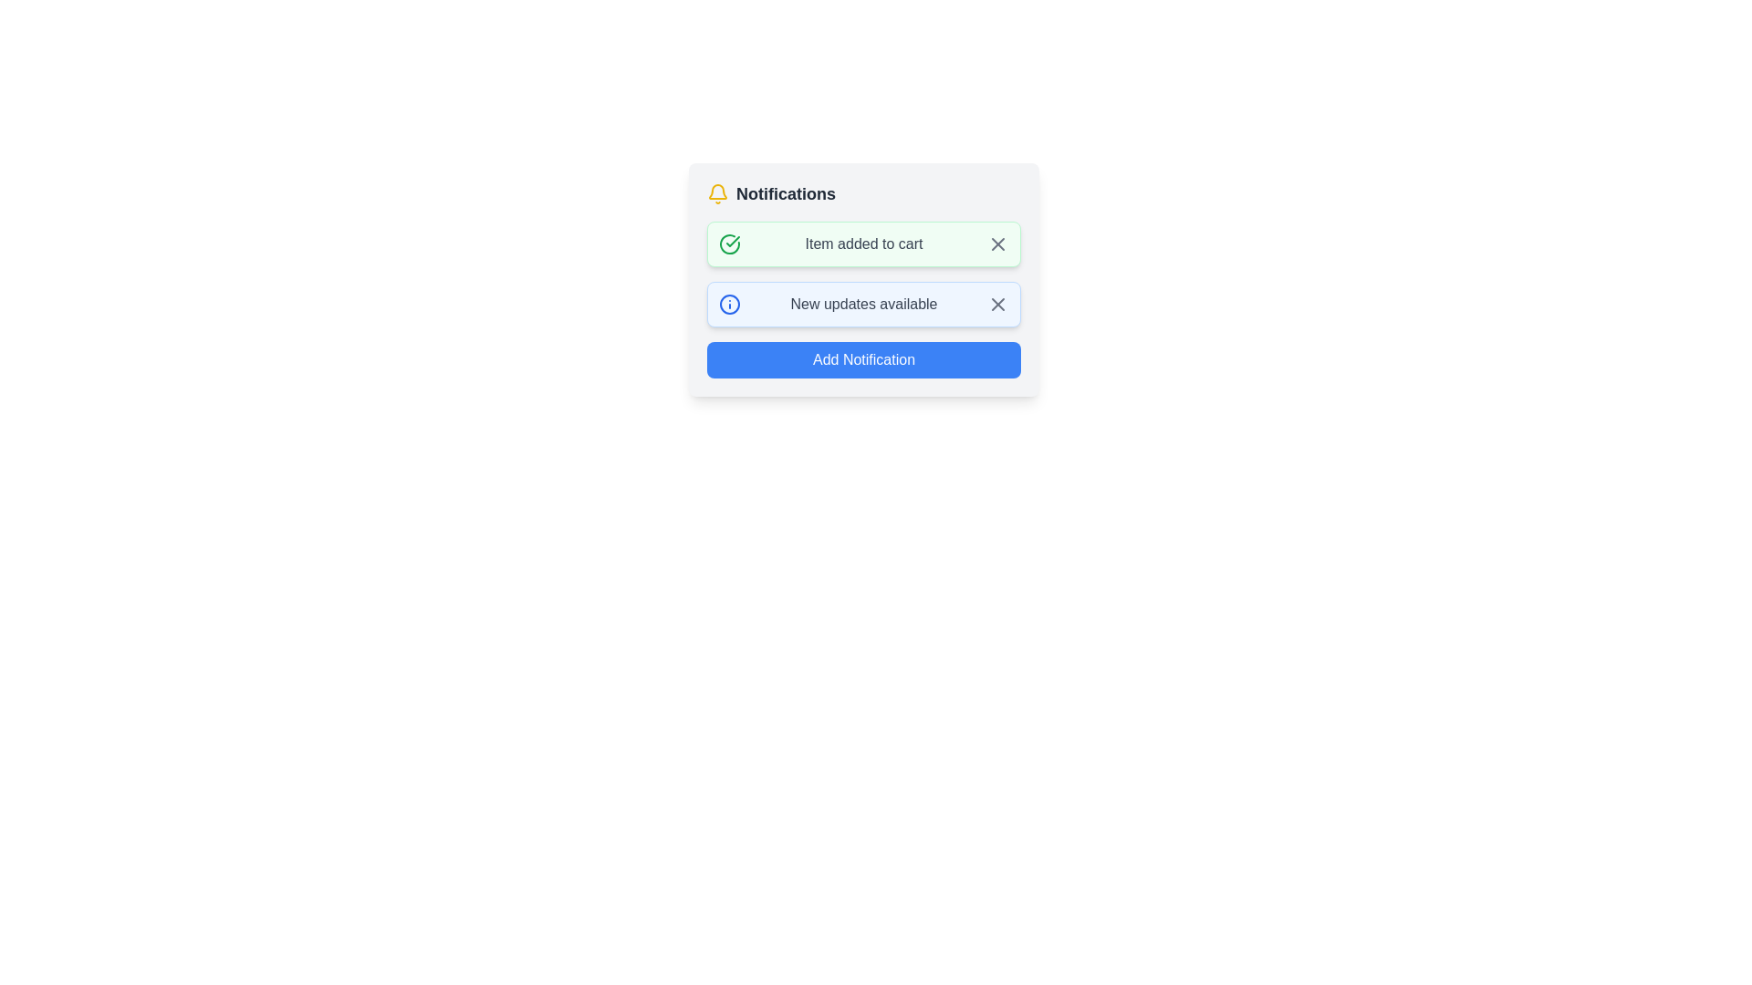 The width and height of the screenshot is (1752, 985). What do you see at coordinates (862, 243) in the screenshot?
I see `text from the Text Label that informs users an item has been successfully added to their cart` at bounding box center [862, 243].